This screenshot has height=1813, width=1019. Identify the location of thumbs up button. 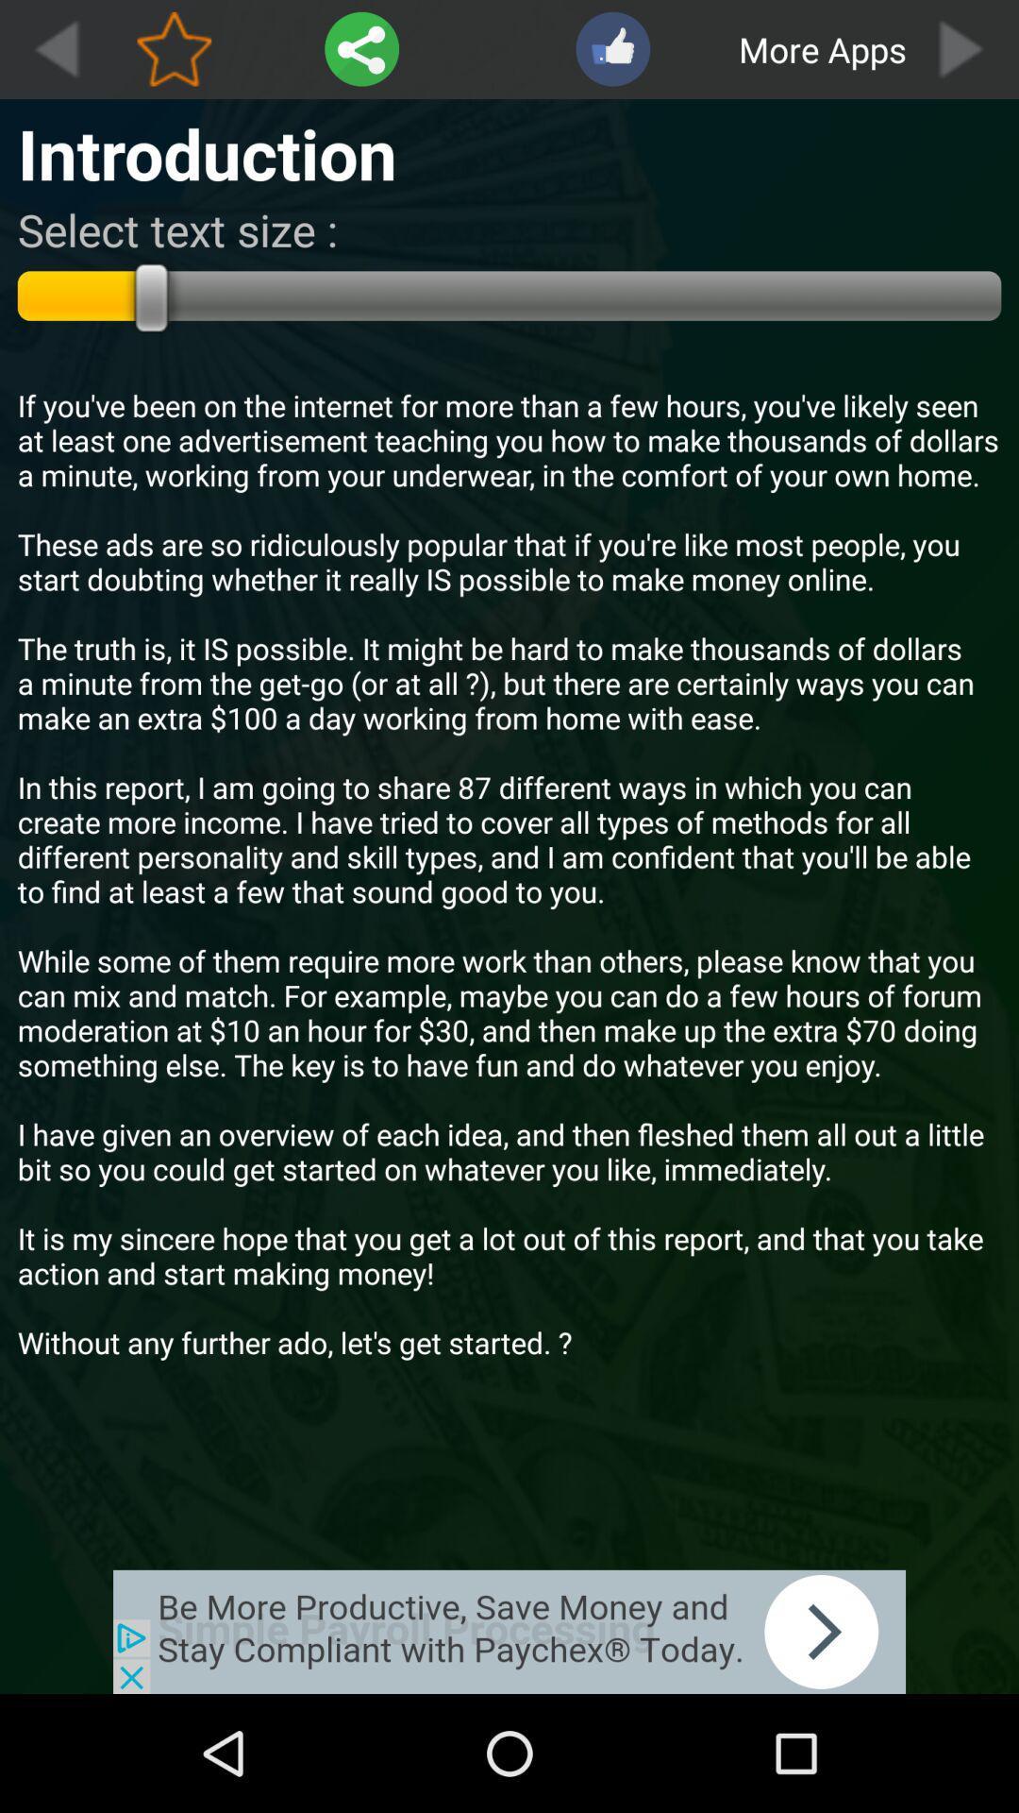
(612, 49).